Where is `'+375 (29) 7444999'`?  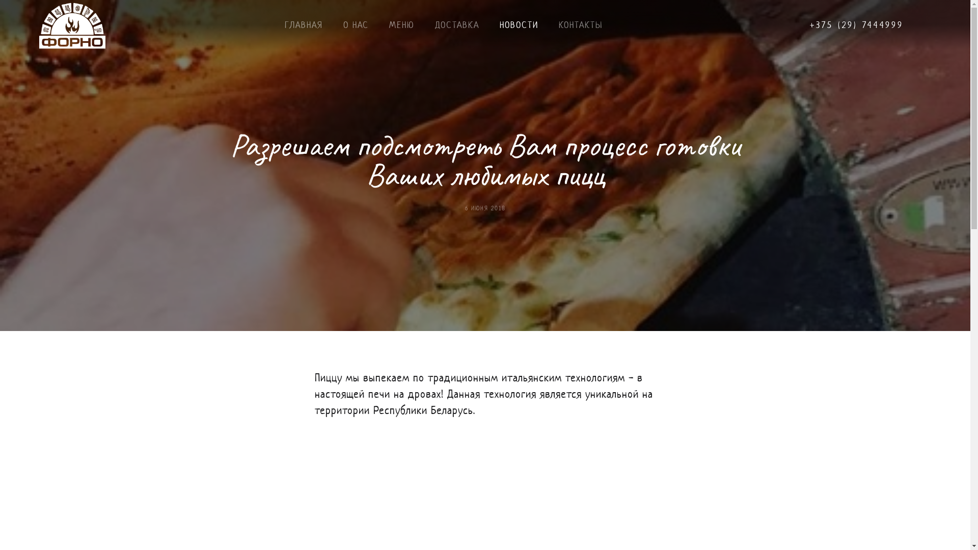 '+375 (29) 7444999' is located at coordinates (856, 24).